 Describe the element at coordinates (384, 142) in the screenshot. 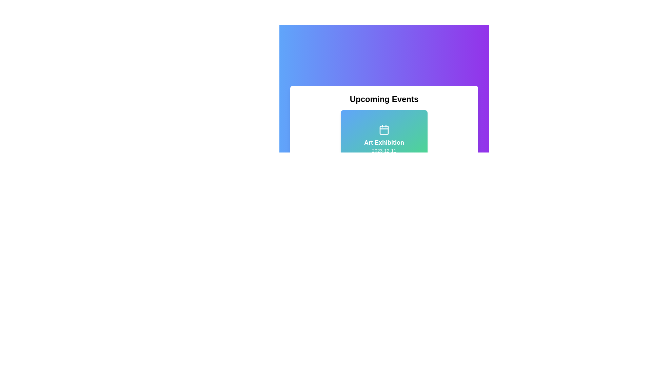

I see `the text label displaying 'Art Exhibition', which is styled with a bold white font and located below a calendar icon against a green-to-blue gradient background` at that location.